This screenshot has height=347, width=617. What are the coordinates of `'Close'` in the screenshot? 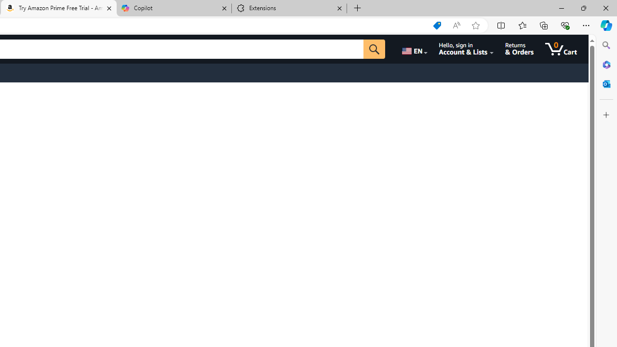 It's located at (605, 8).